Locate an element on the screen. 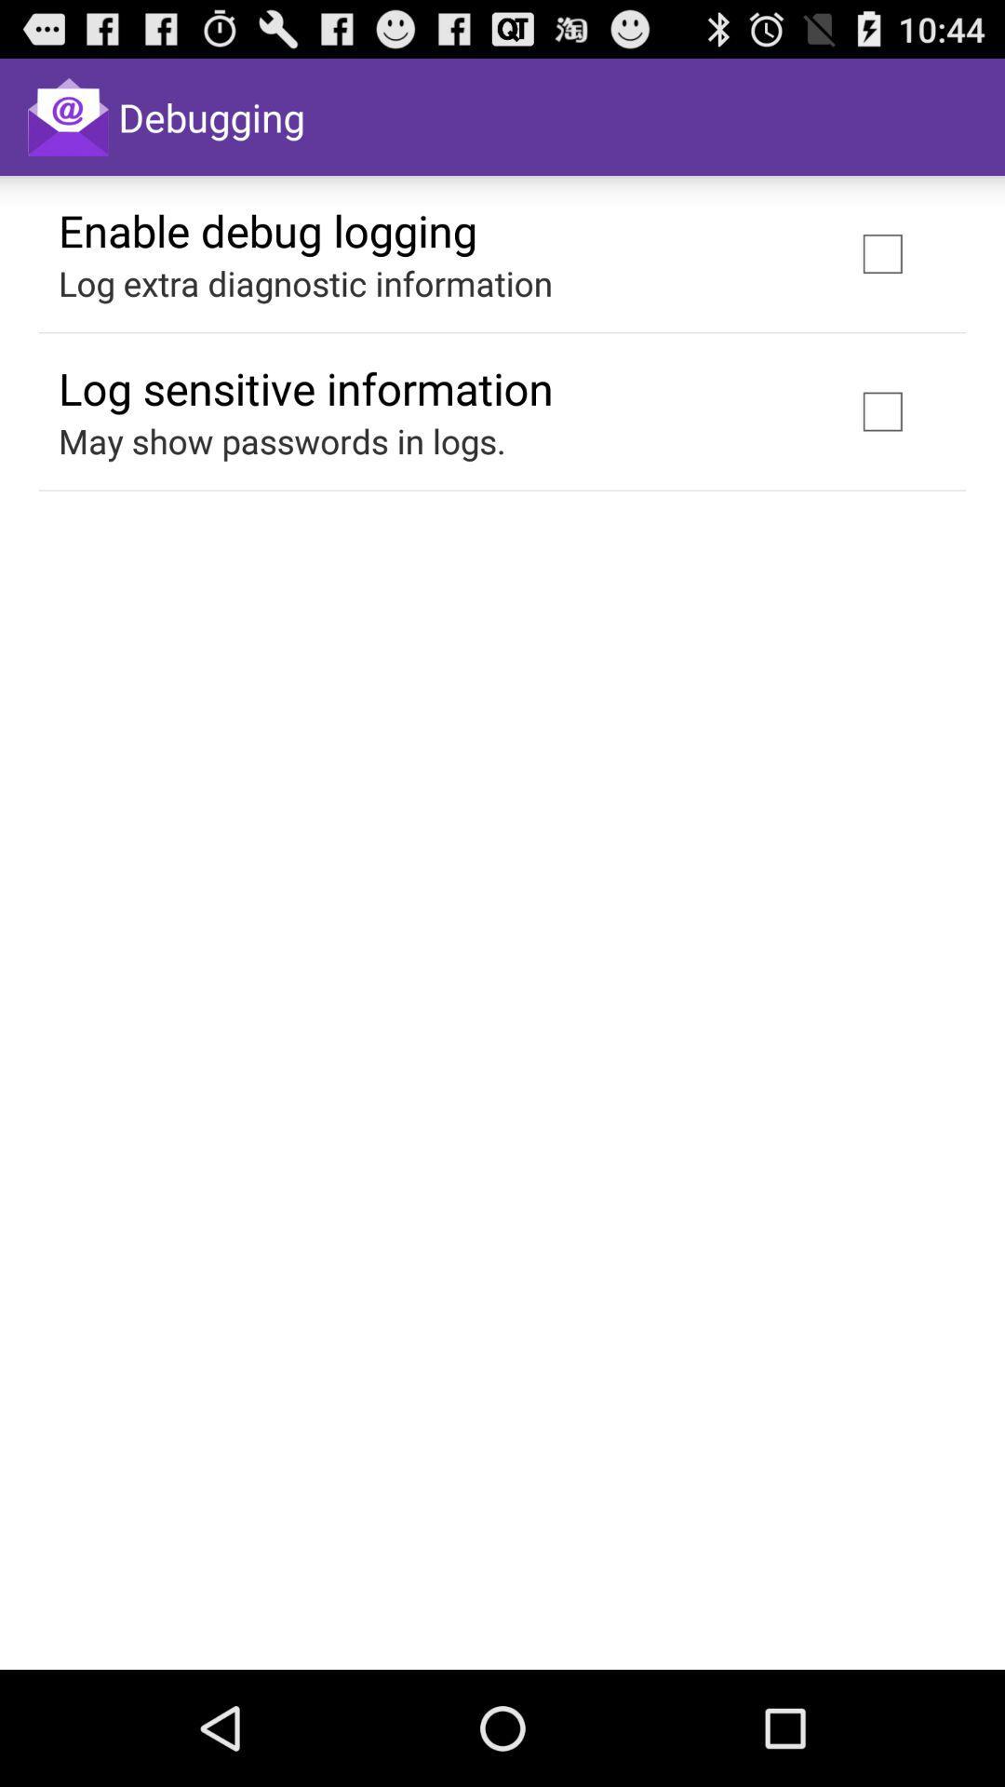 The width and height of the screenshot is (1005, 1787). the item above the log sensitive information icon is located at coordinates (304, 282).